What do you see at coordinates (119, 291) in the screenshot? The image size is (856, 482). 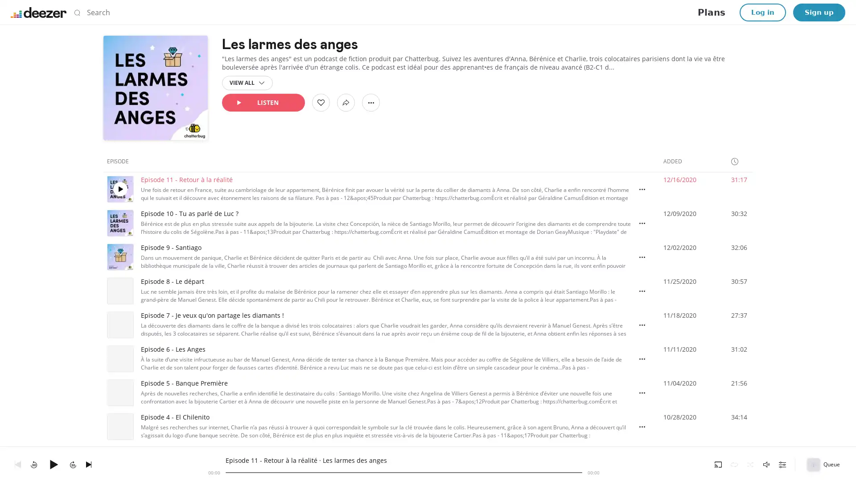 I see `Play Episode 8 - Le depart by Les larmes des anges` at bounding box center [119, 291].